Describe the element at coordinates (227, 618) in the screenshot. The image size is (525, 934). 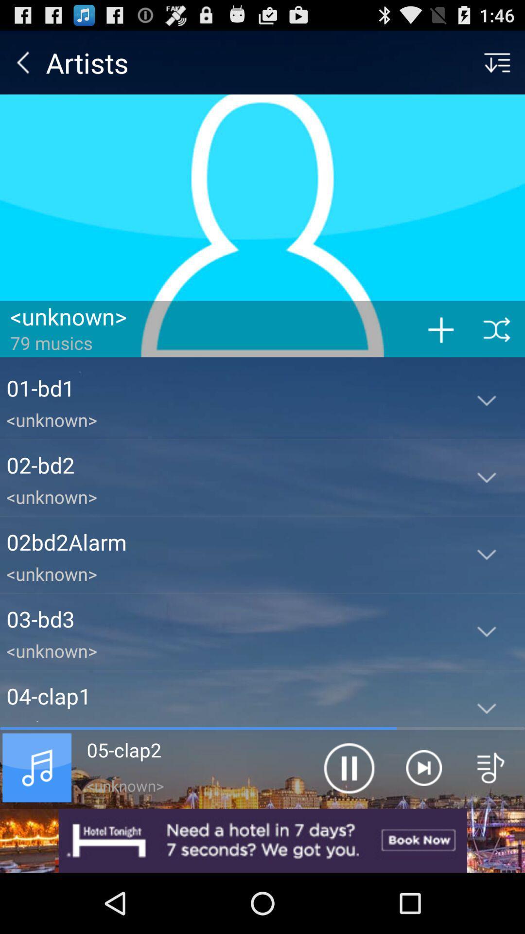
I see `03-bd3 icon` at that location.